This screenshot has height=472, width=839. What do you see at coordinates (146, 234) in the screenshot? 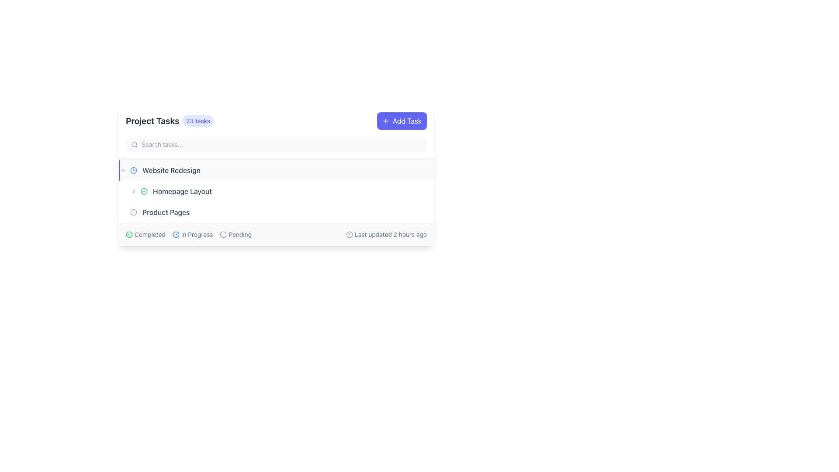
I see `the green 'Completed' status label with a checkmark icon, which is the first element in the group of status labels located at the bottom of the task list panel` at bounding box center [146, 234].